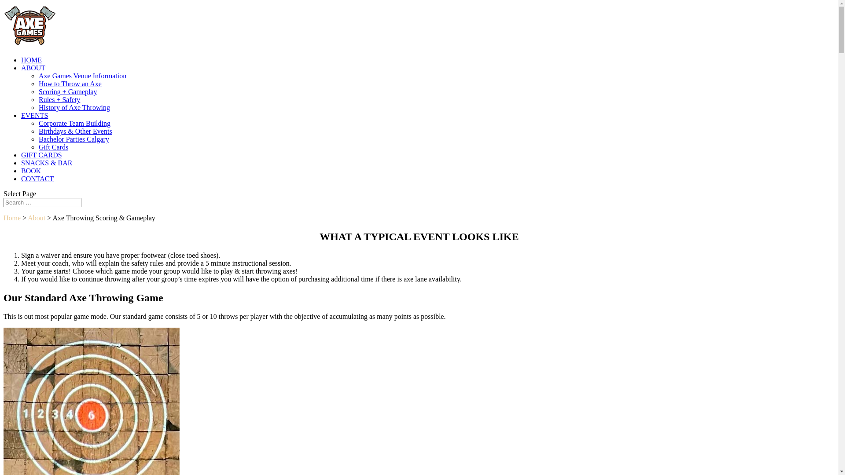 The image size is (845, 475). Describe the element at coordinates (74, 123) in the screenshot. I see `'Corporate Team Building'` at that location.